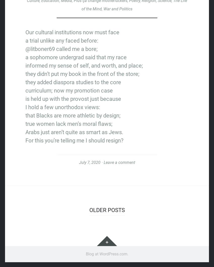 This screenshot has height=267, width=214. What do you see at coordinates (62, 107) in the screenshot?
I see `'I hold a few unorthodox views:'` at bounding box center [62, 107].